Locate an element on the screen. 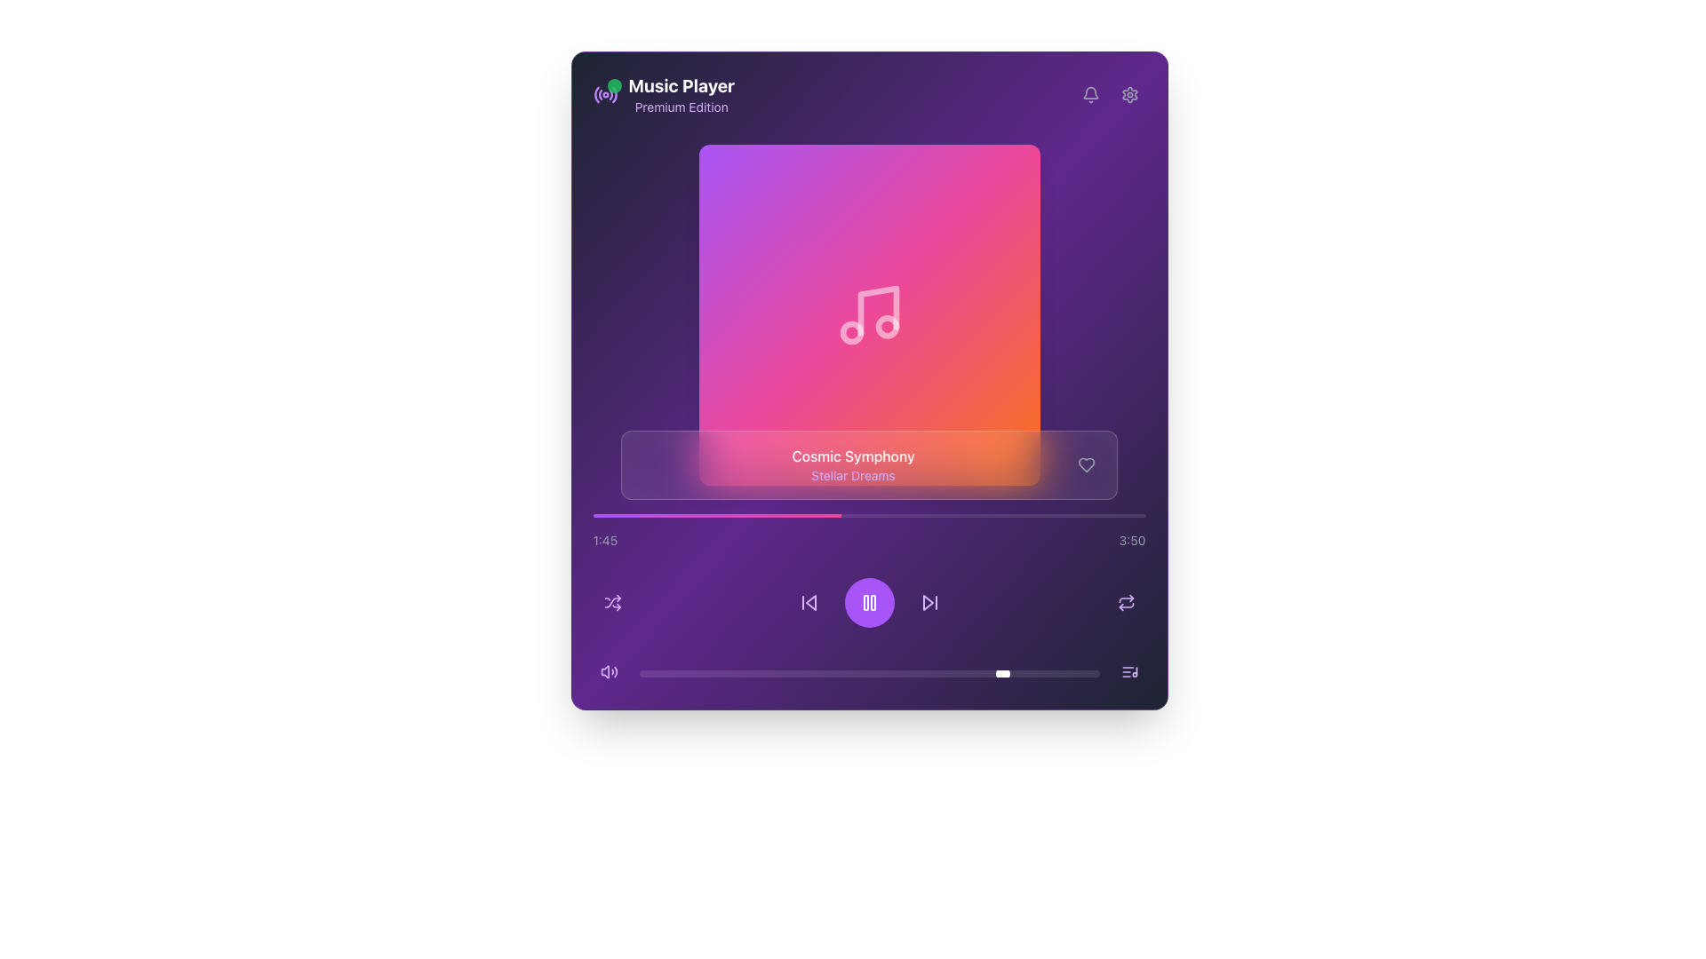 This screenshot has width=1706, height=959. the Text Display Component that serves as the title and label for the music player interface, located in the top-left corner of the interface is located at coordinates (681, 95).